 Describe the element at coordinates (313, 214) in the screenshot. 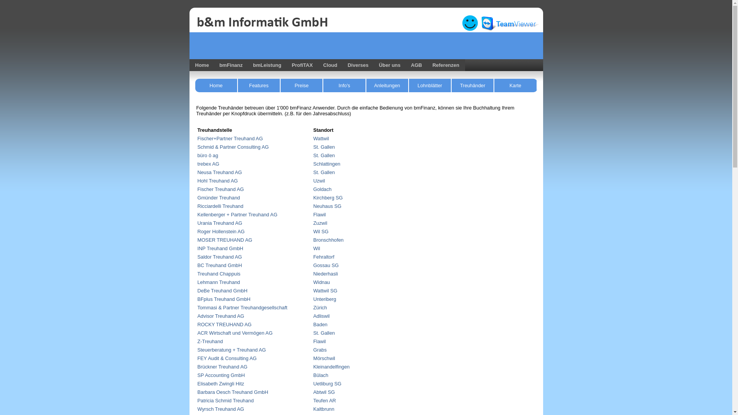

I see `'Flawil'` at that location.